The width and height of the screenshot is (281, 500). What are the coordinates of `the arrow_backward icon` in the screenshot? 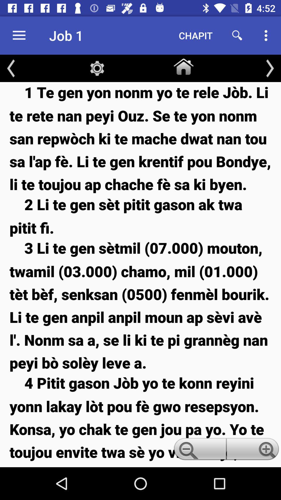 It's located at (11, 68).